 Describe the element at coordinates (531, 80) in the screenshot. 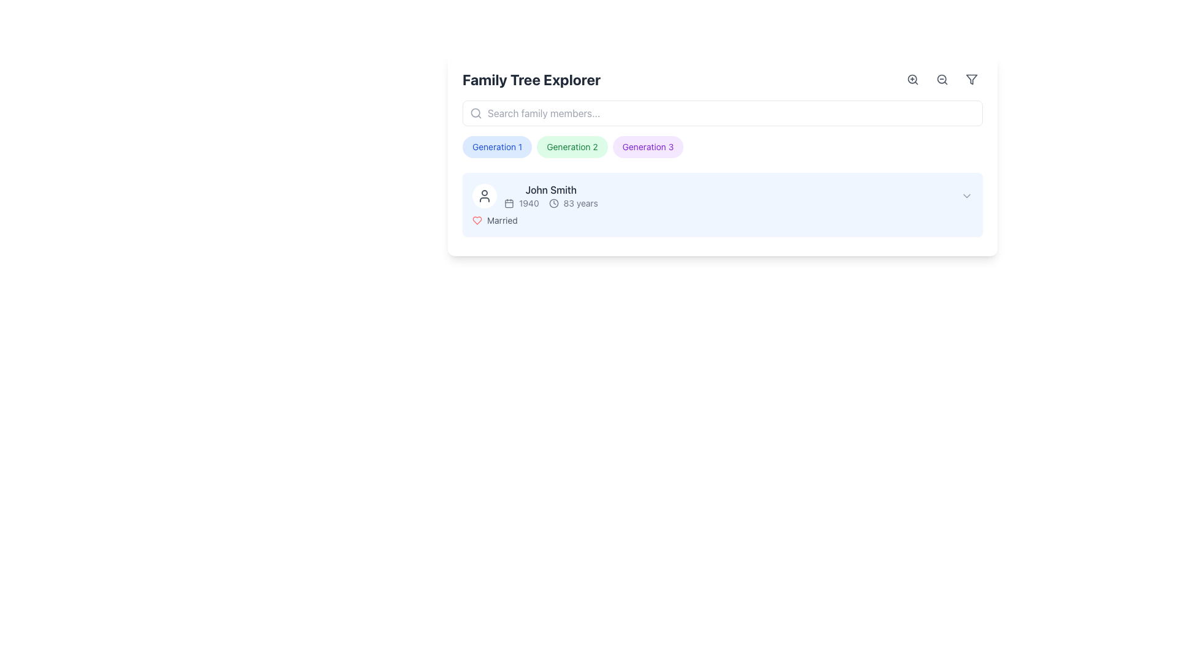

I see `the 'Family Tree Explorer' text label, which is styled in bold, large font with dark gray coloring and serves as the header for the section` at that location.